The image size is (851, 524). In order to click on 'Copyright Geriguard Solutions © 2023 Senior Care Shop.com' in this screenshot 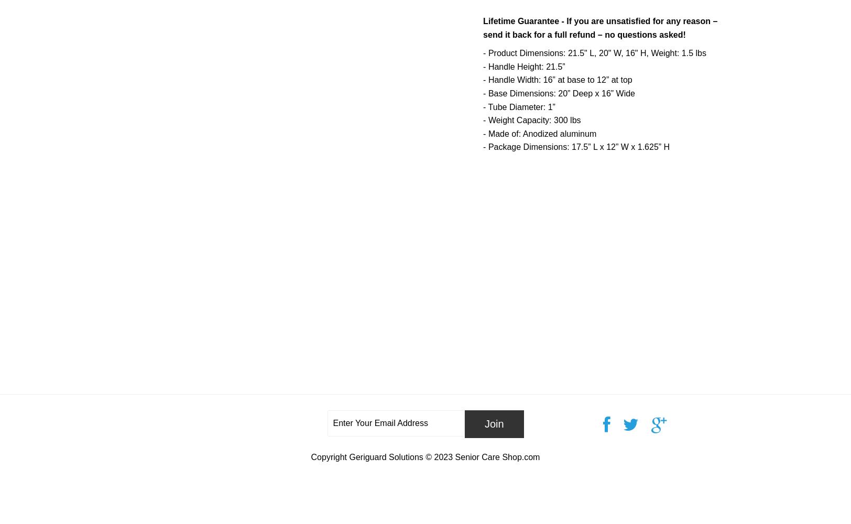, I will do `click(425, 456)`.